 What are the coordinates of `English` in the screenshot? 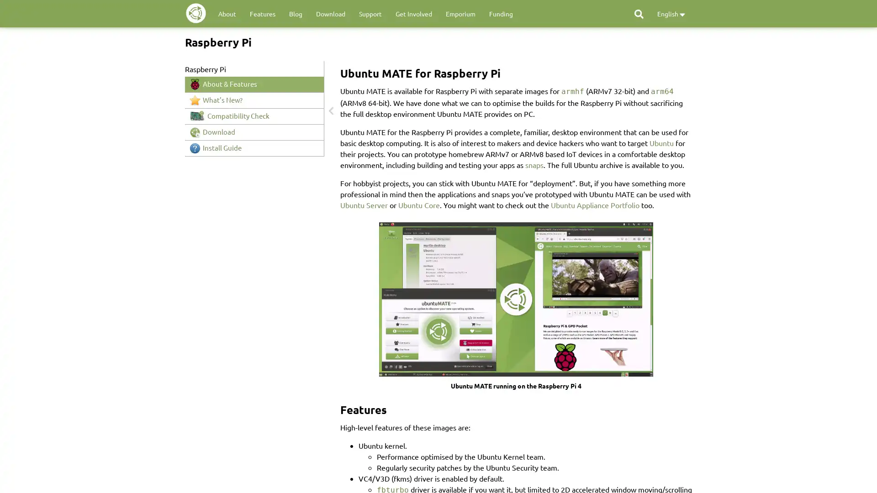 It's located at (671, 14).